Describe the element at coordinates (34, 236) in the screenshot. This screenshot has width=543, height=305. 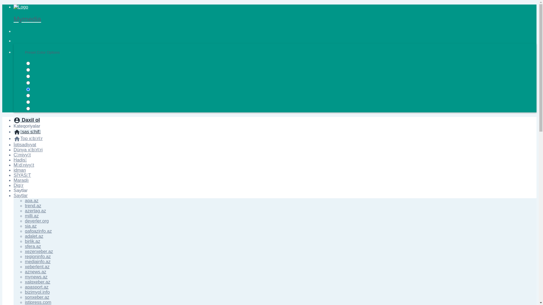
I see `'adalet.az'` at that location.